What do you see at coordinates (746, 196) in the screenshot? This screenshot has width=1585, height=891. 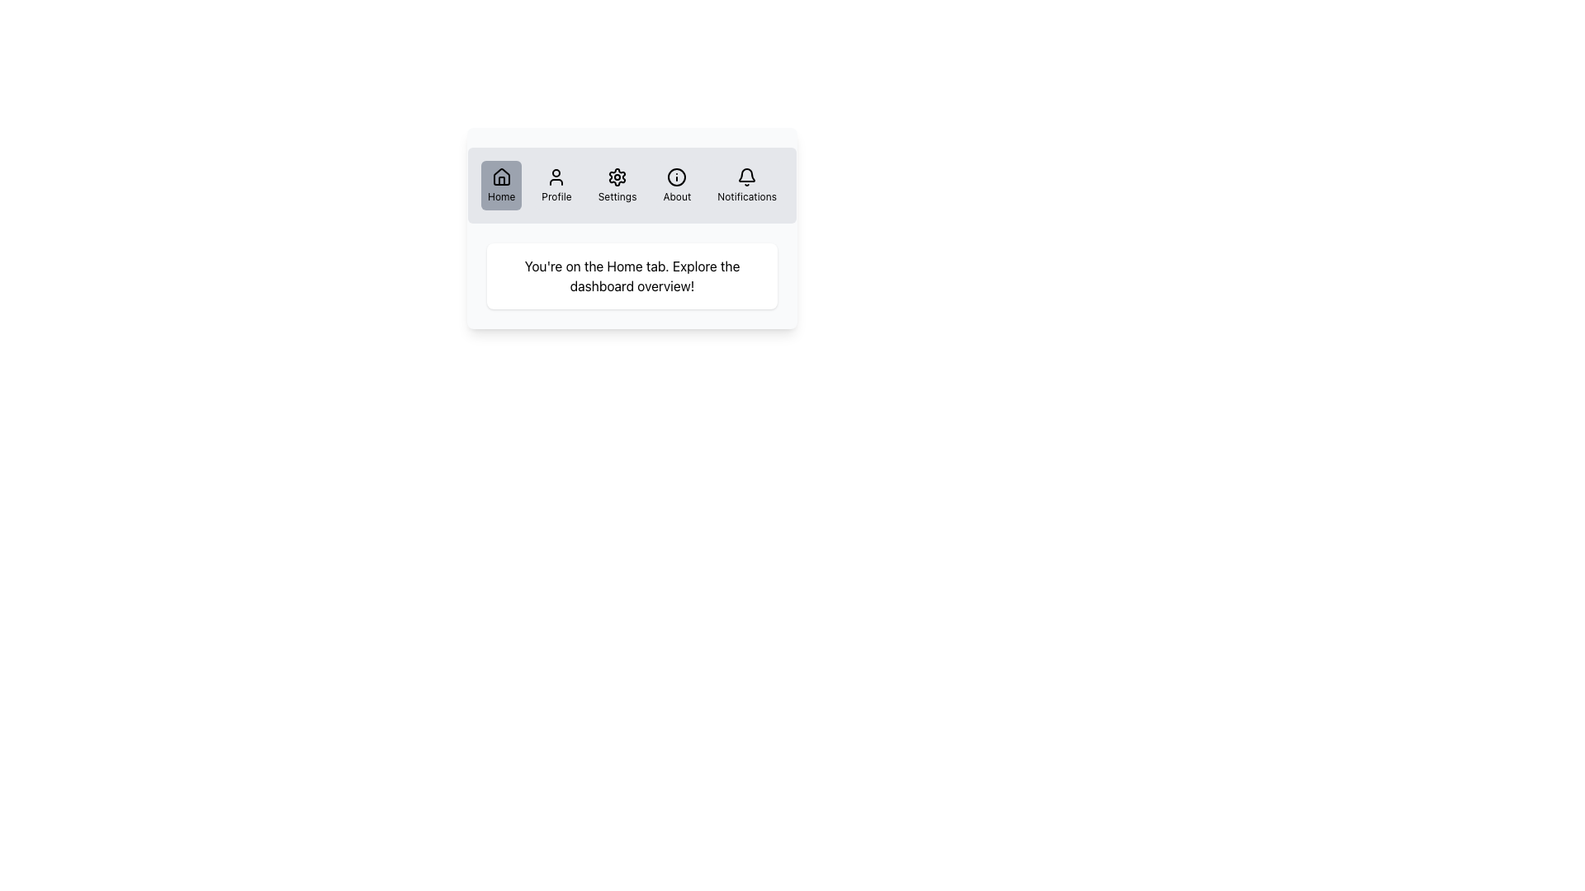 I see `the small gray text label reading 'Notifications' located beneath the bell-shaped icon` at bounding box center [746, 196].